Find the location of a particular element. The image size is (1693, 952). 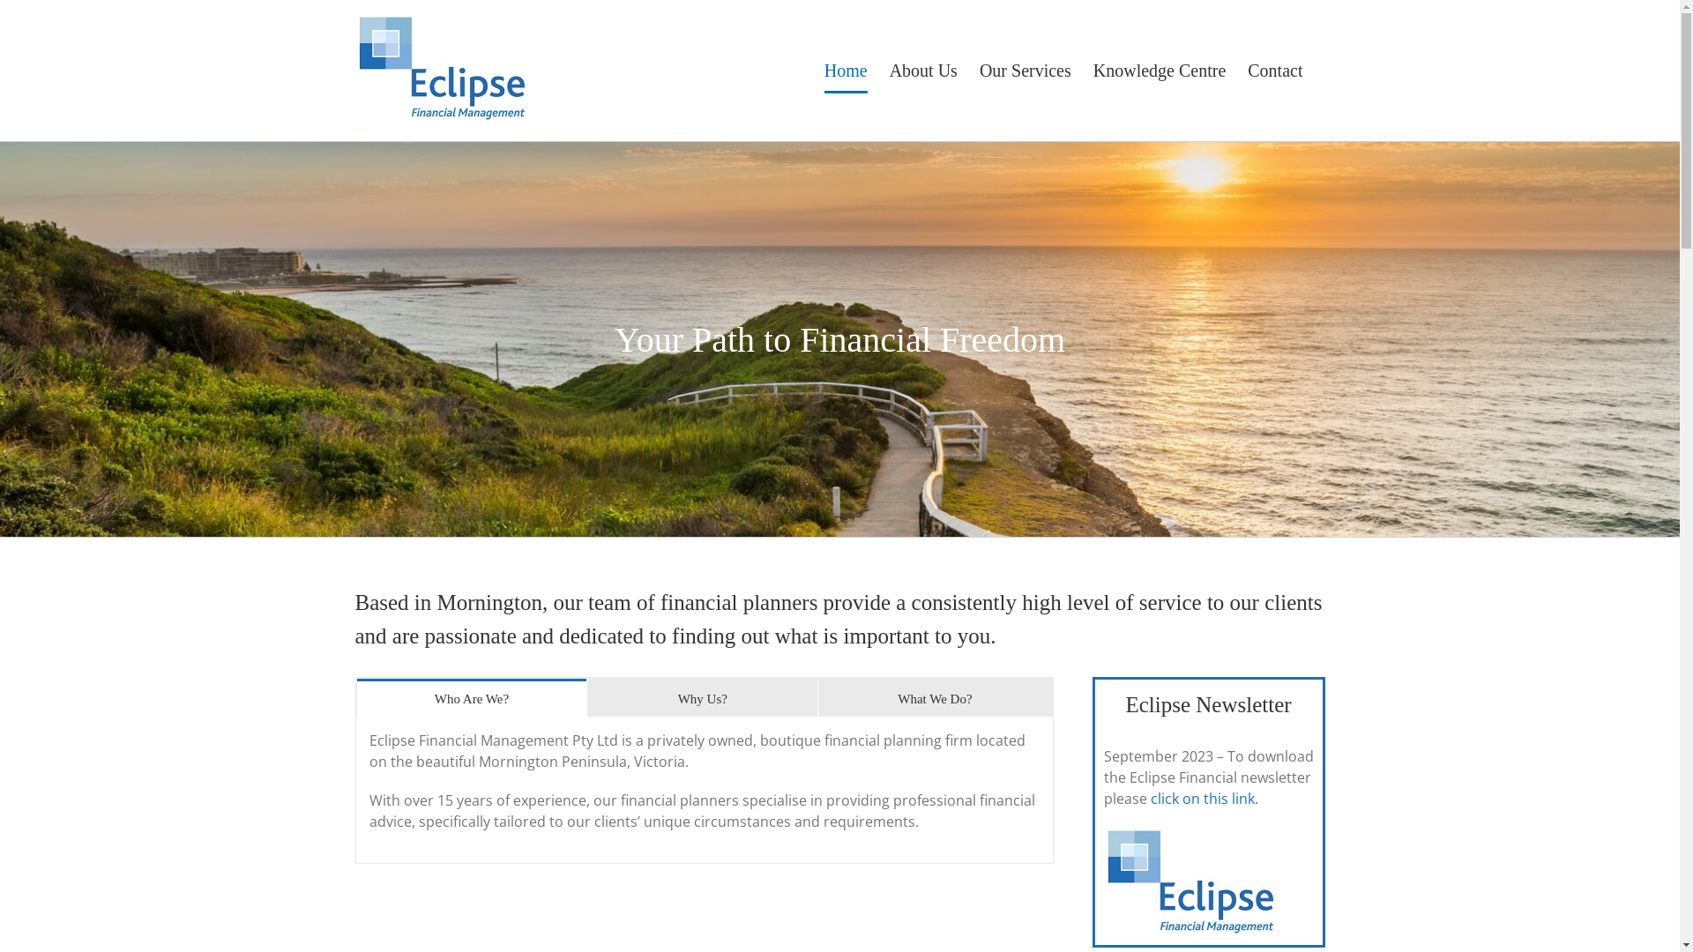

'About Us' is located at coordinates (922, 70).